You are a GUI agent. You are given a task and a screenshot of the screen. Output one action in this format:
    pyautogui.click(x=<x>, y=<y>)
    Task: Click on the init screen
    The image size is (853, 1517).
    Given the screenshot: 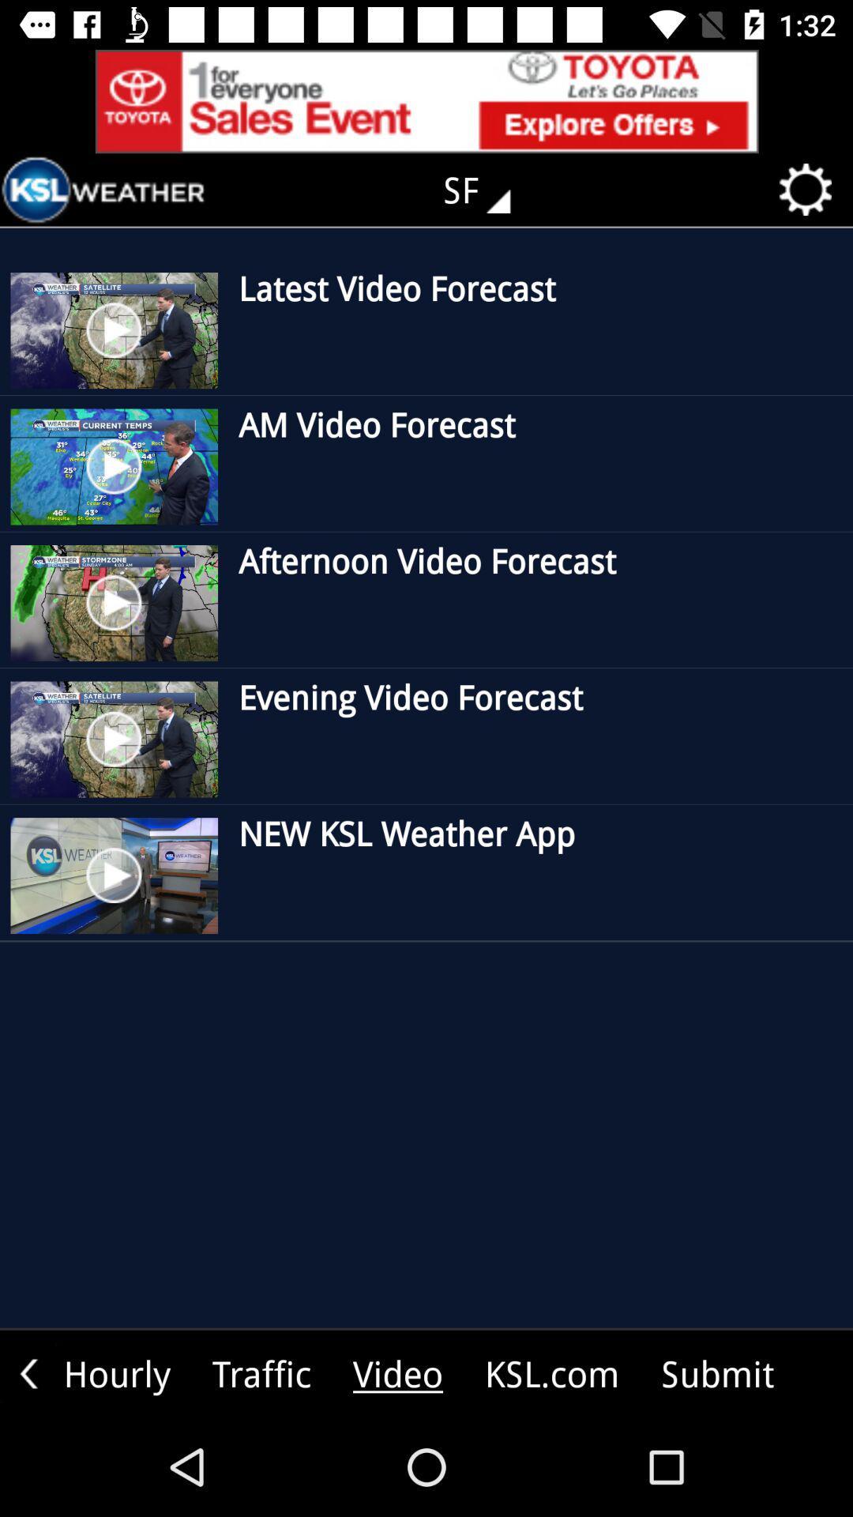 What is the action you would take?
    pyautogui.click(x=103, y=190)
    